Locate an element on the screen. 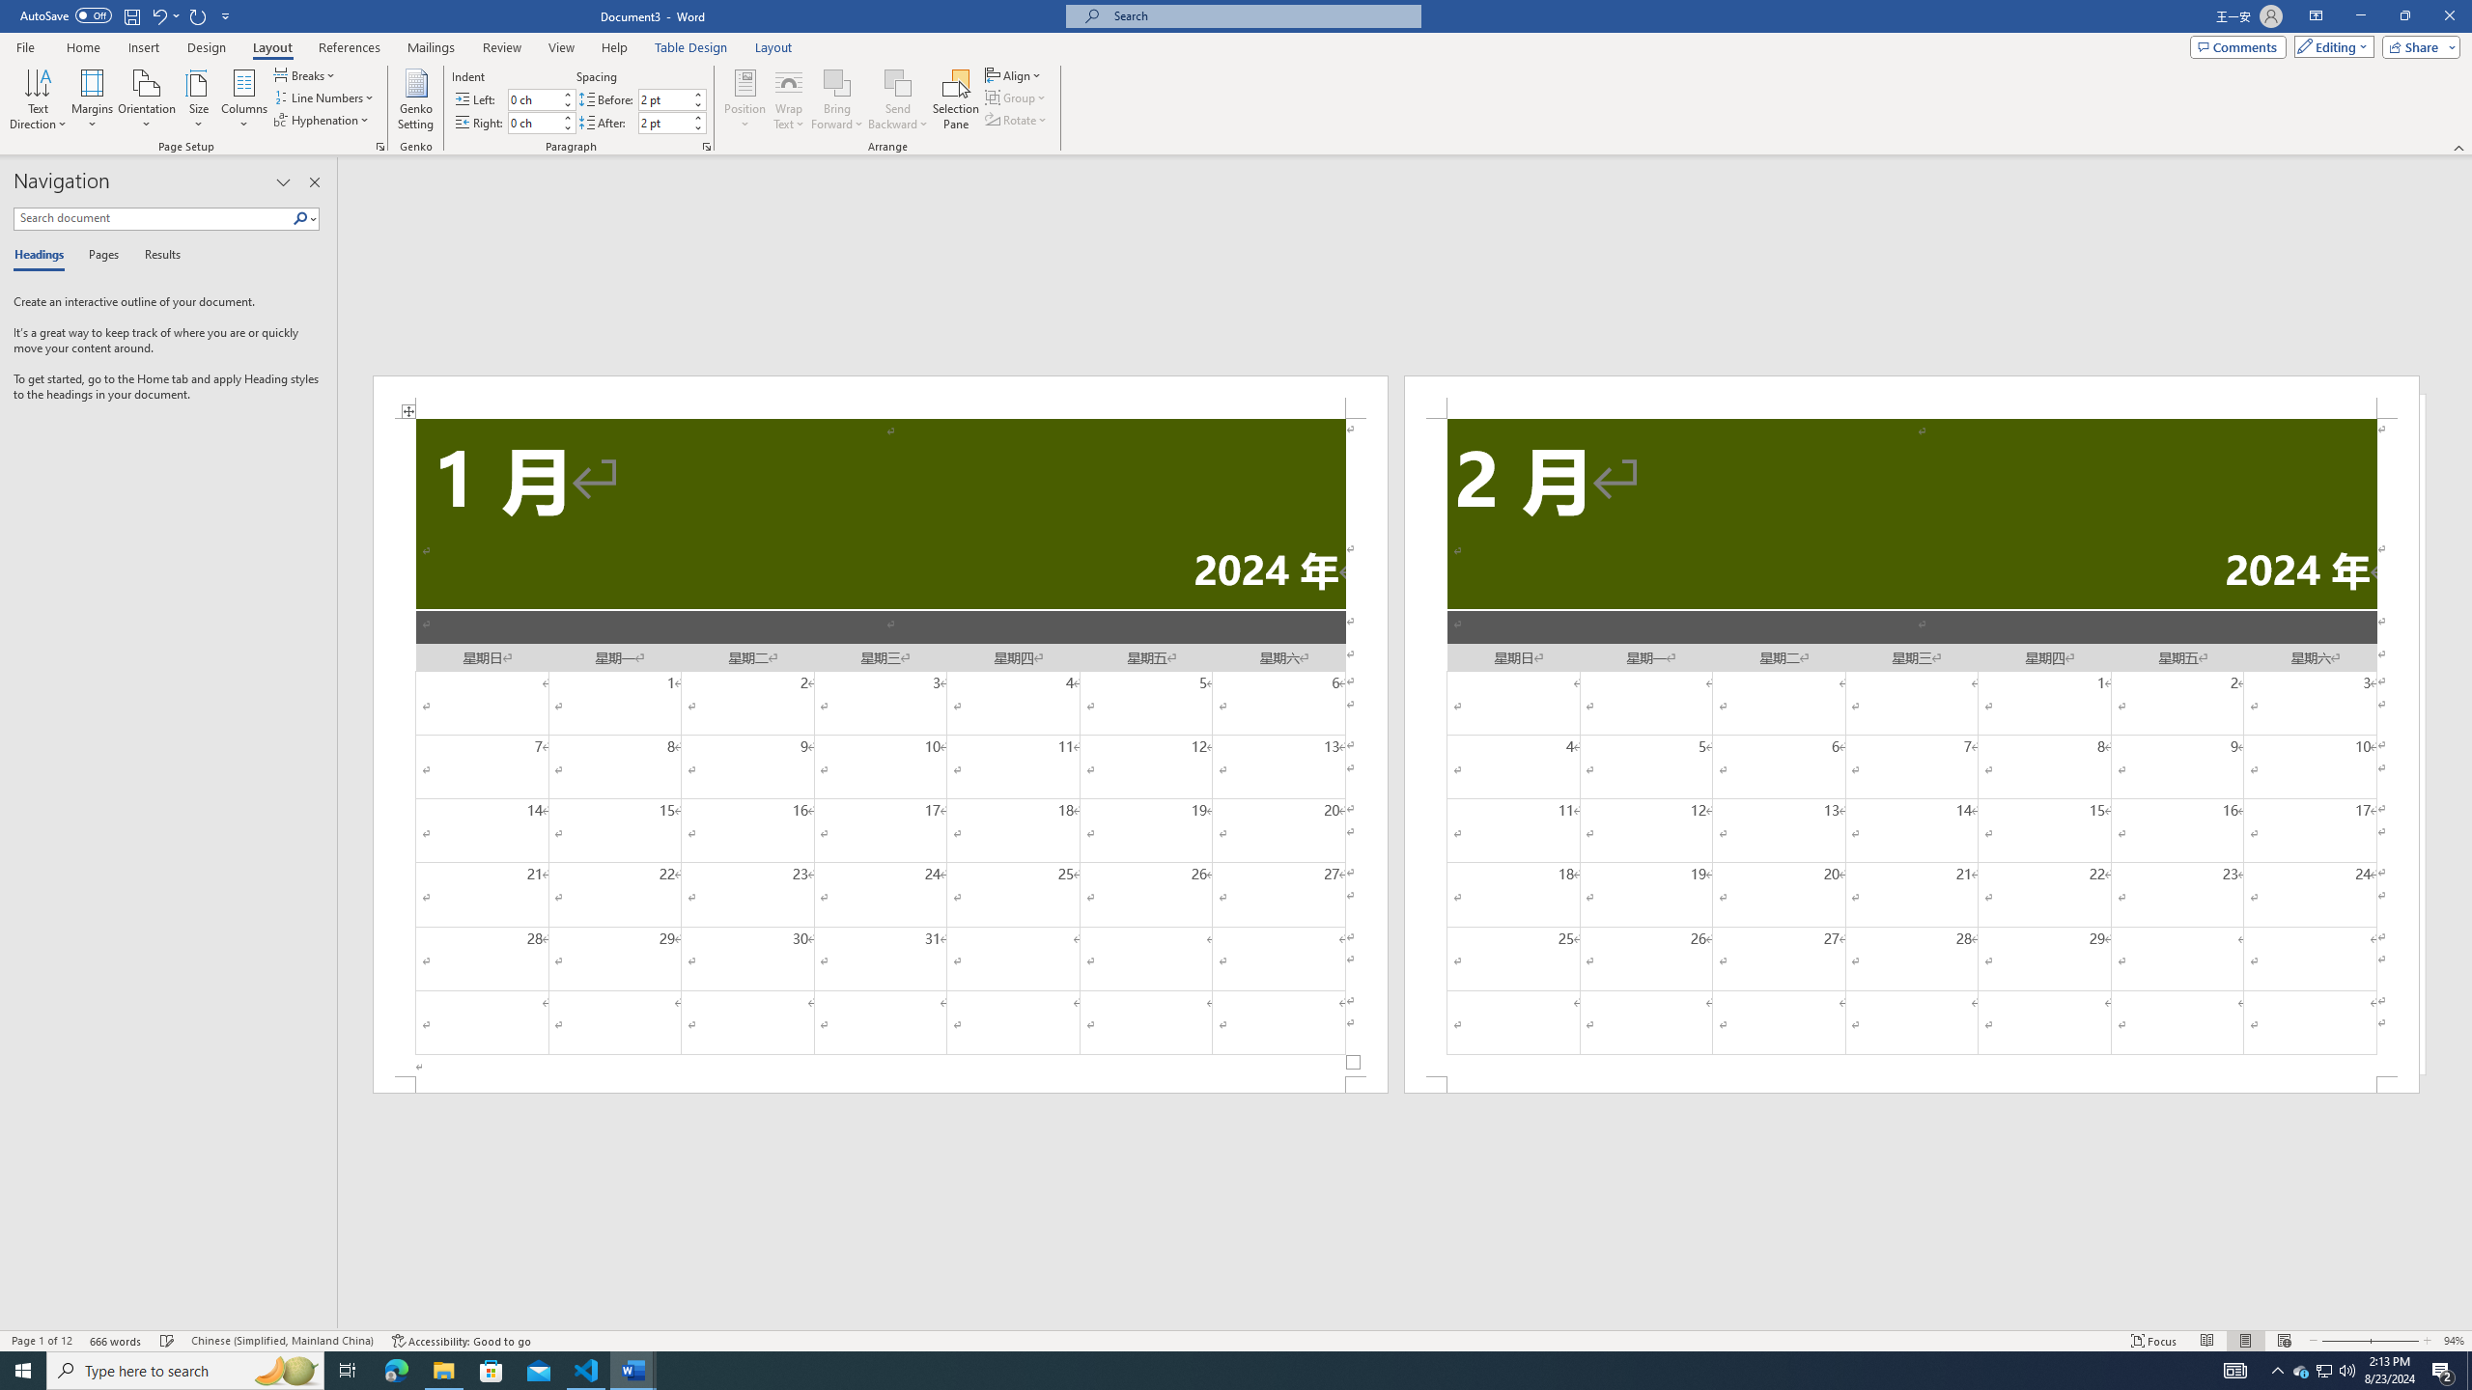 Image resolution: width=2472 pixels, height=1390 pixels. 'Headings' is located at coordinates (42, 255).